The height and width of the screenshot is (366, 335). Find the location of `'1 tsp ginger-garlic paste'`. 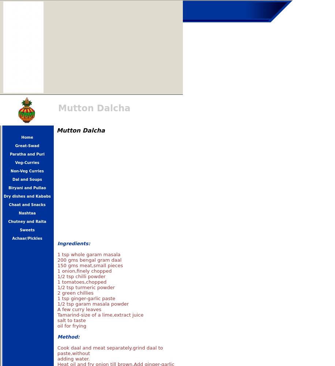

'1 tsp ginger-garlic paste' is located at coordinates (86, 298).